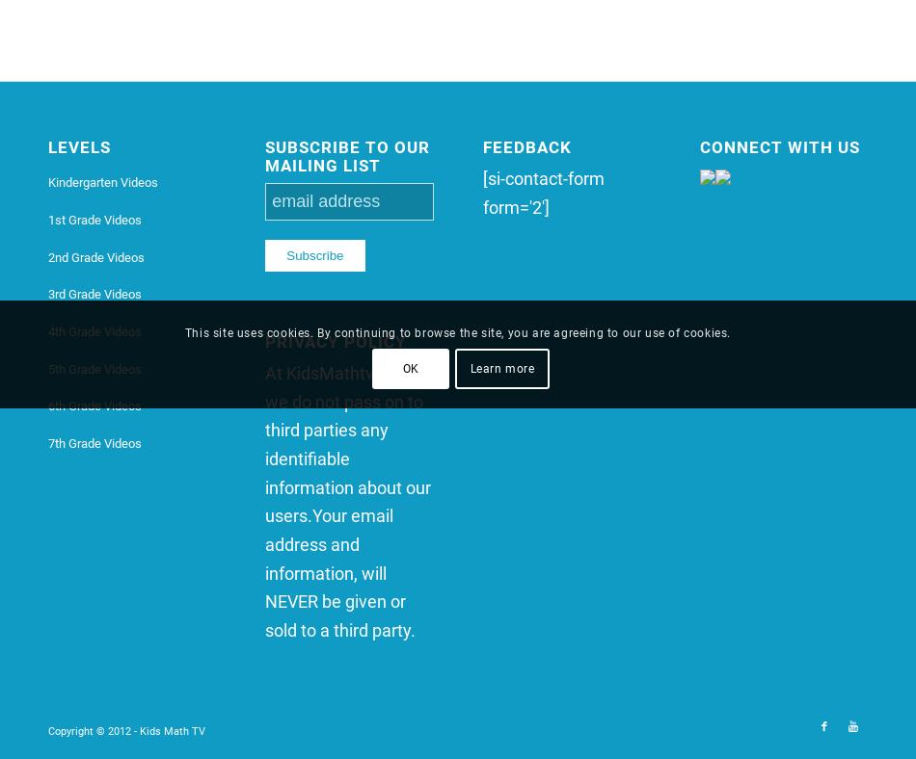 This screenshot has width=916, height=759. What do you see at coordinates (172, 730) in the screenshot?
I see `'Kids Math TV'` at bounding box center [172, 730].